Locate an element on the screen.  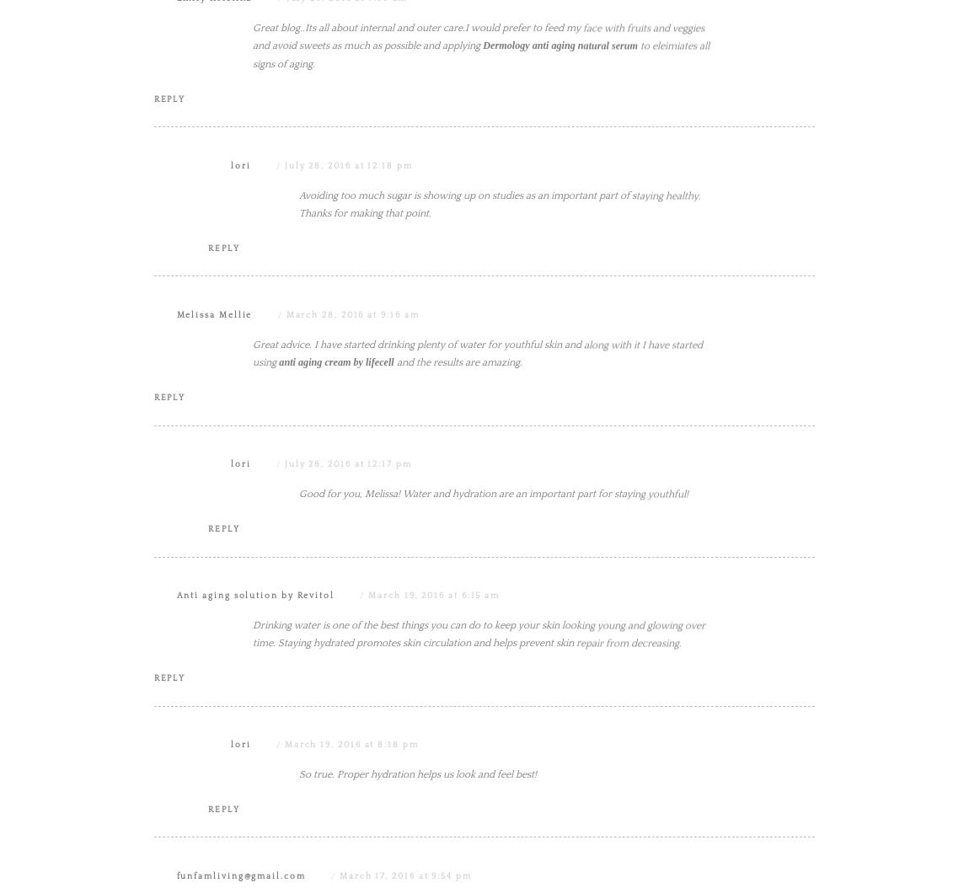
'Emily Kristina' is located at coordinates (213, 166).